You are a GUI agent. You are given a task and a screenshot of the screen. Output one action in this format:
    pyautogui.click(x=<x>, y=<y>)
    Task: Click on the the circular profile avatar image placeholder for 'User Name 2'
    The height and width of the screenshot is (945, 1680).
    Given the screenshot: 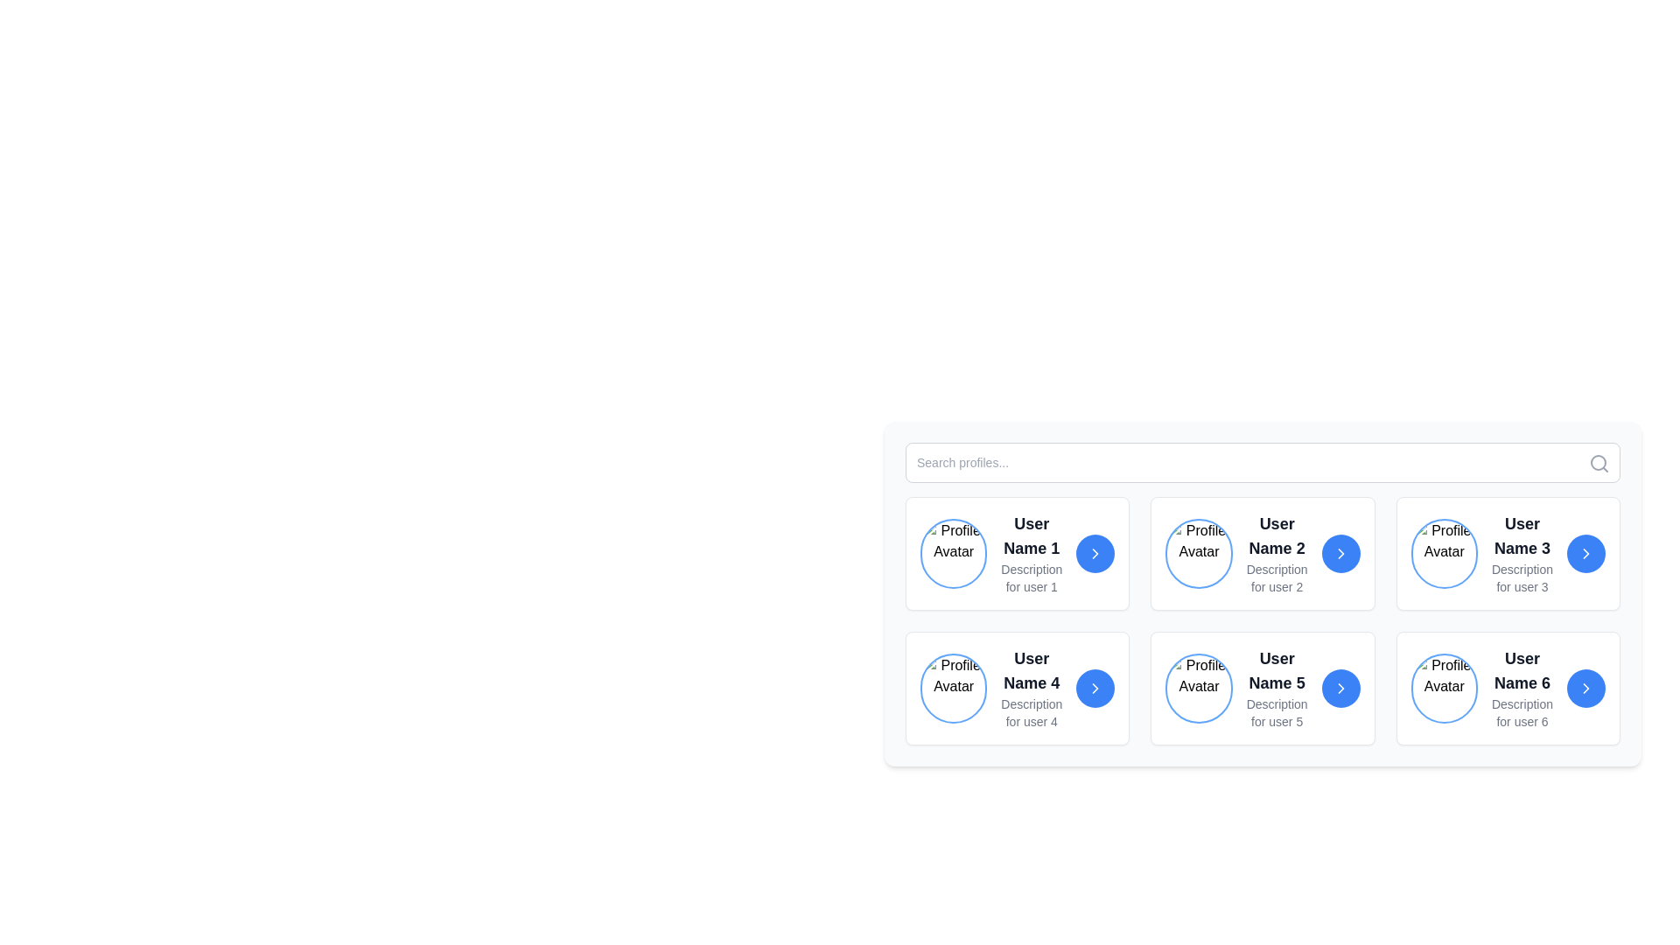 What is the action you would take?
    pyautogui.click(x=1197, y=553)
    